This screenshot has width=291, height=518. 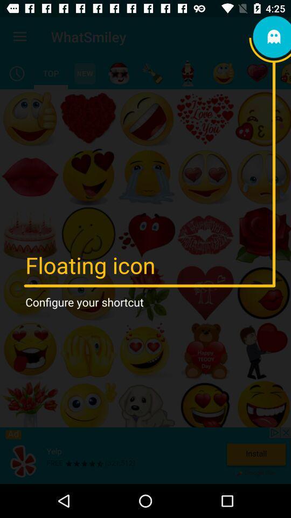 What do you see at coordinates (16, 73) in the screenshot?
I see `recently used emojis` at bounding box center [16, 73].